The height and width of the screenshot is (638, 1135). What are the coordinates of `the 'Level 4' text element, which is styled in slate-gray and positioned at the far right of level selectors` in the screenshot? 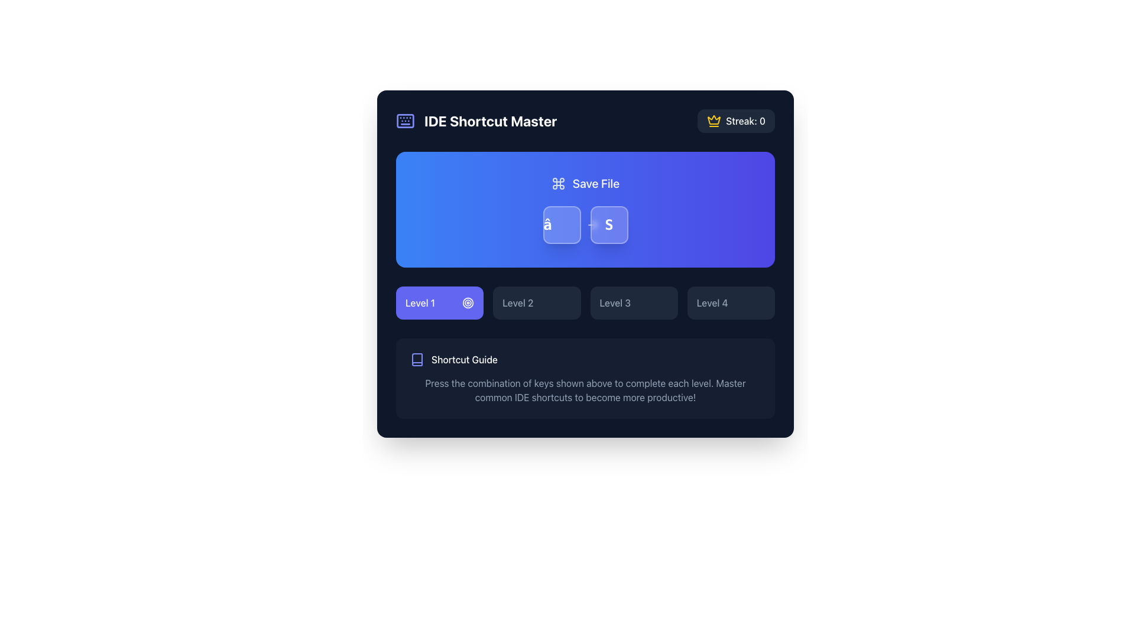 It's located at (712, 302).